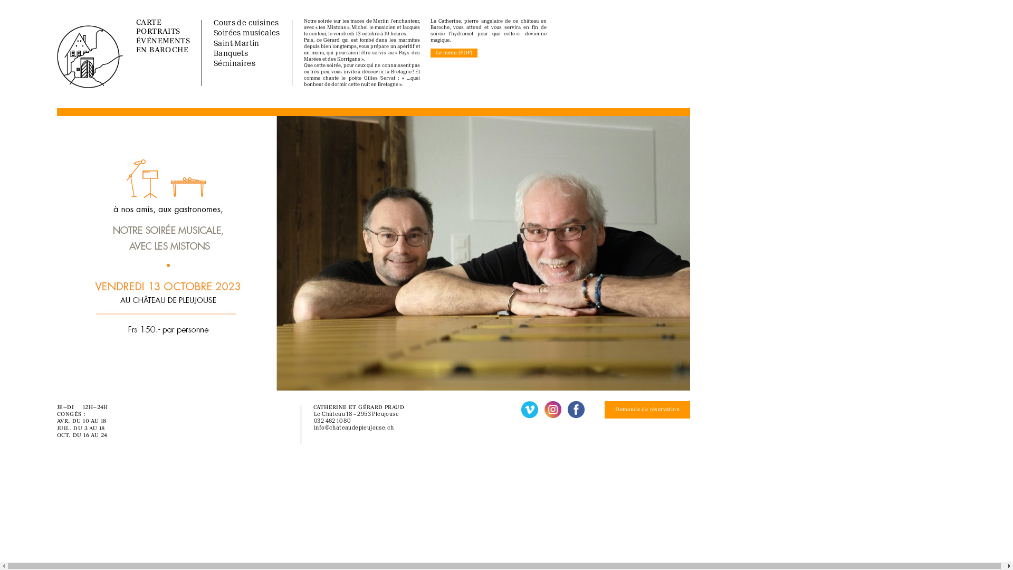 The width and height of the screenshot is (1013, 570). Describe the element at coordinates (161, 50) in the screenshot. I see `'EN BAROCHE'` at that location.